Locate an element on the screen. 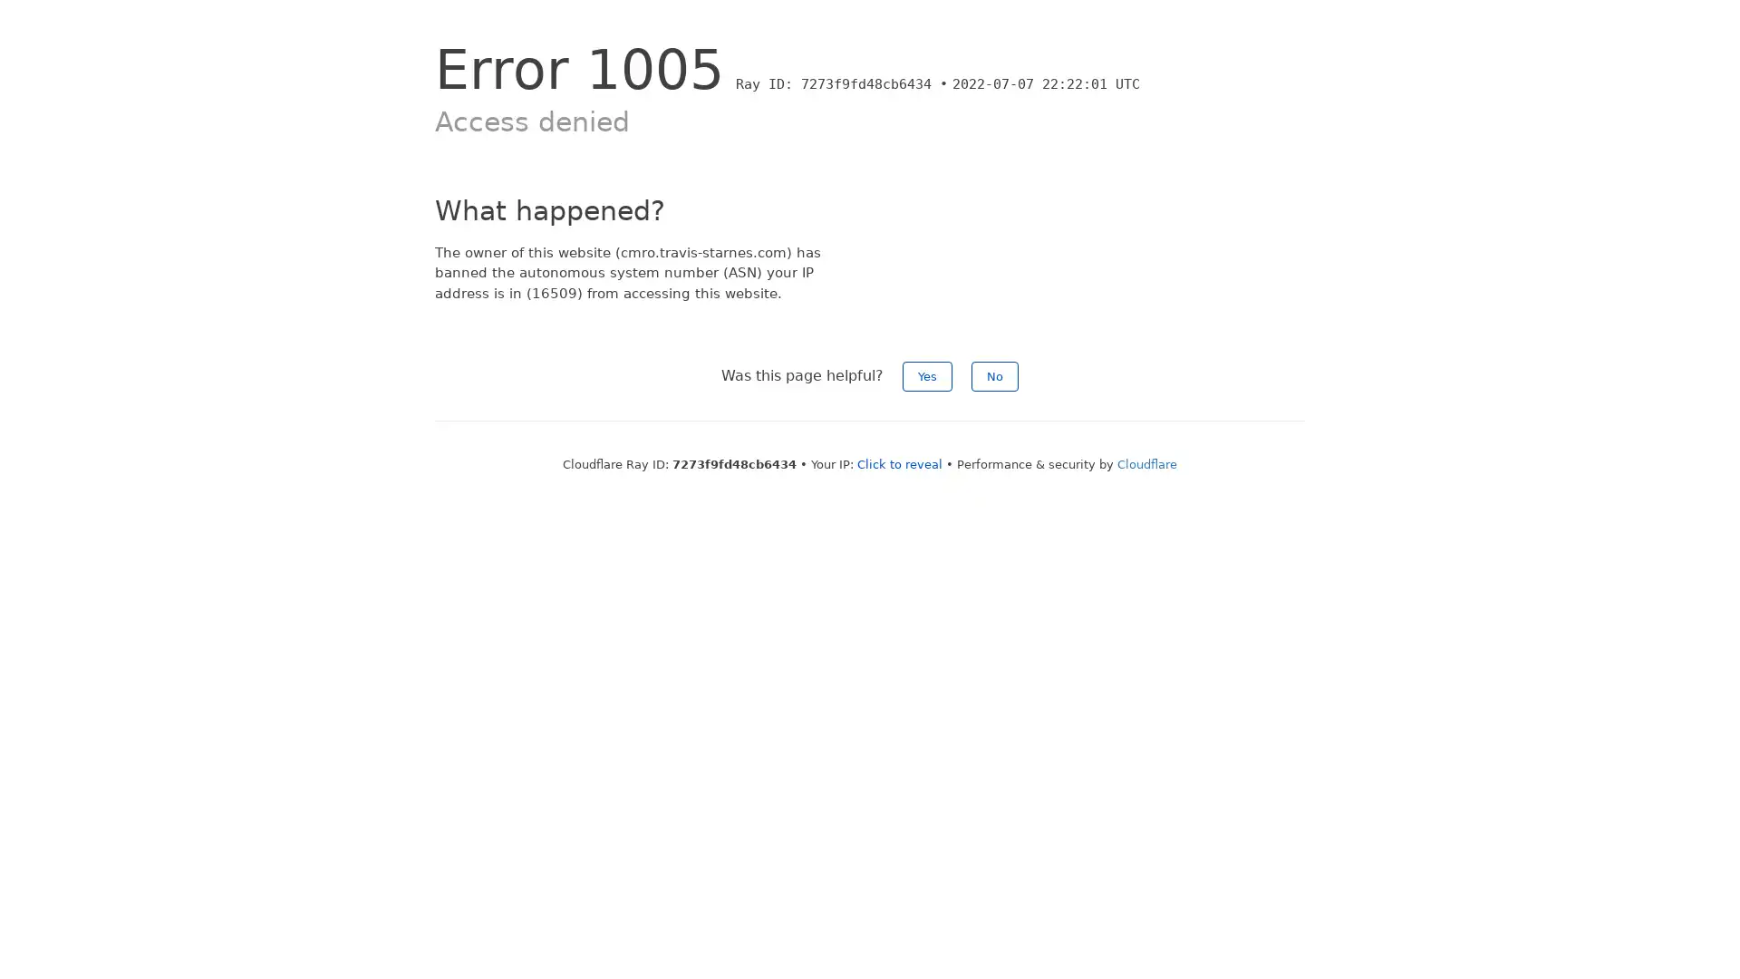 This screenshot has width=1740, height=979. Yes is located at coordinates (927, 375).